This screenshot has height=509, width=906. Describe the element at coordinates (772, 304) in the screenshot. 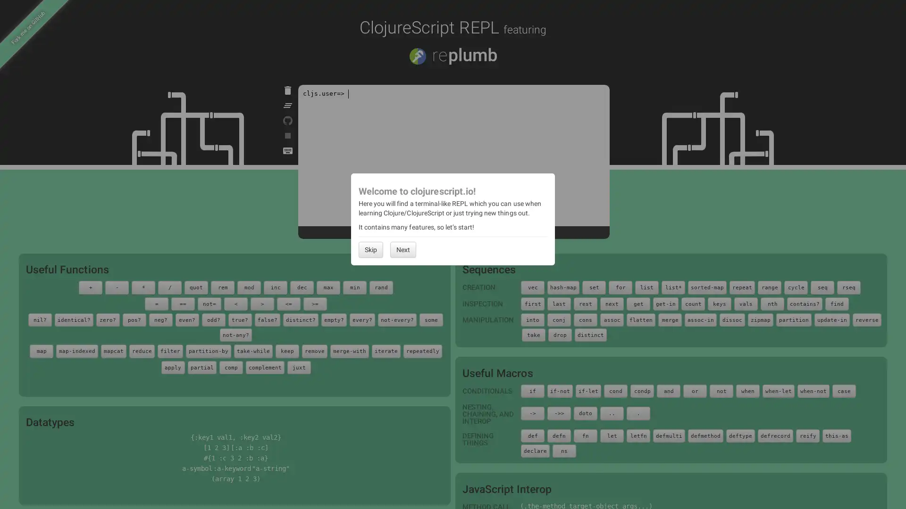

I see `nth` at that location.